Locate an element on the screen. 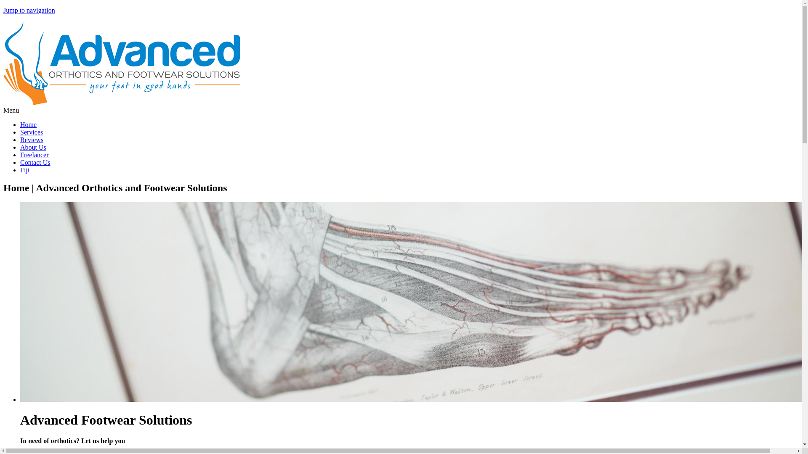 The image size is (808, 454). 'Reviews' is located at coordinates (32, 139).